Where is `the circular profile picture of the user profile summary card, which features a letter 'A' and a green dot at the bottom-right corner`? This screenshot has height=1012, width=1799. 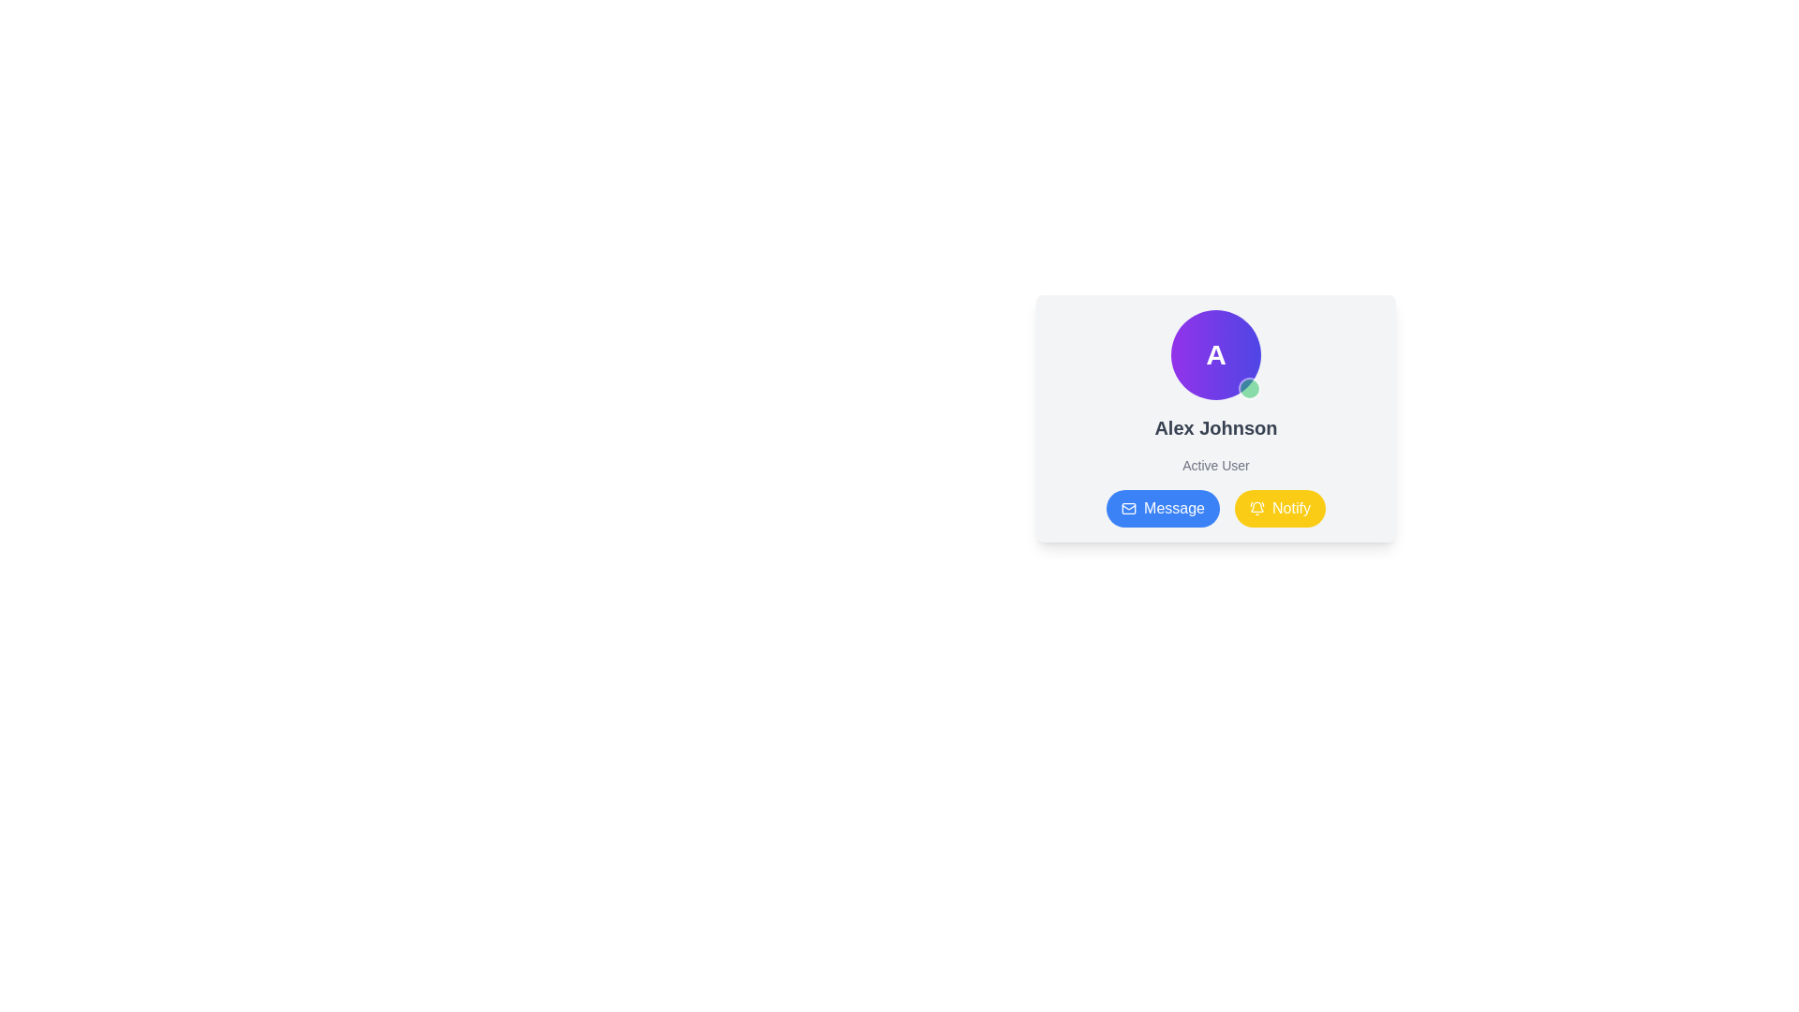 the circular profile picture of the user profile summary card, which features a letter 'A' and a green dot at the bottom-right corner is located at coordinates (1215, 418).